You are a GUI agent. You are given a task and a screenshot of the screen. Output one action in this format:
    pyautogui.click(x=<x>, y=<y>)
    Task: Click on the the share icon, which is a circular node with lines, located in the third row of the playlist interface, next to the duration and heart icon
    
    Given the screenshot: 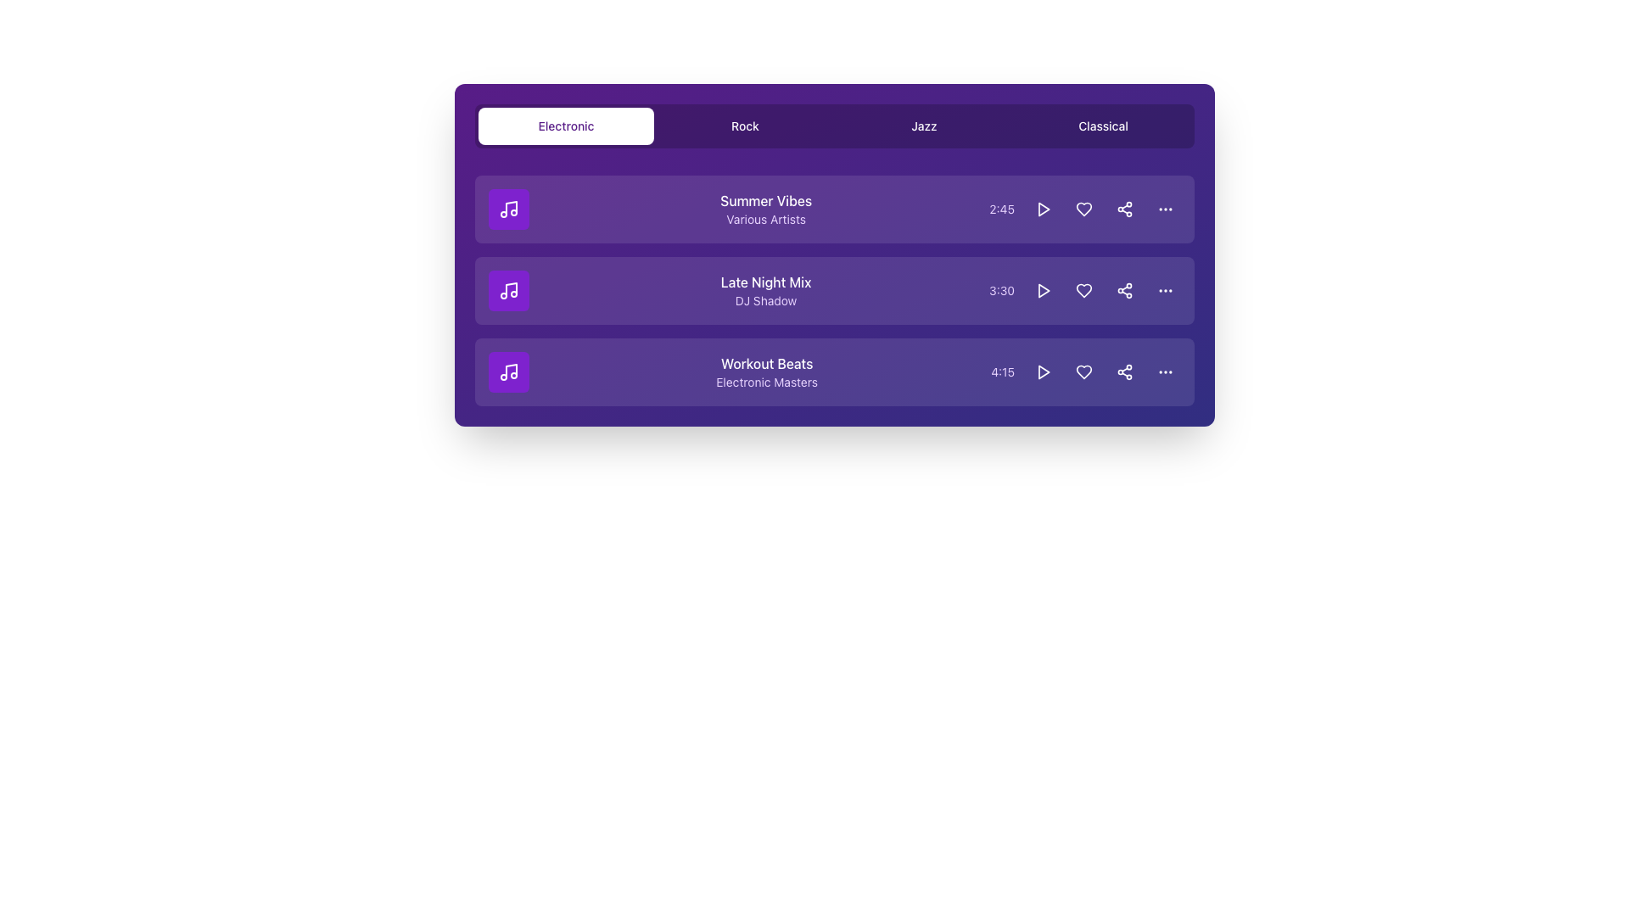 What is the action you would take?
    pyautogui.click(x=1124, y=290)
    